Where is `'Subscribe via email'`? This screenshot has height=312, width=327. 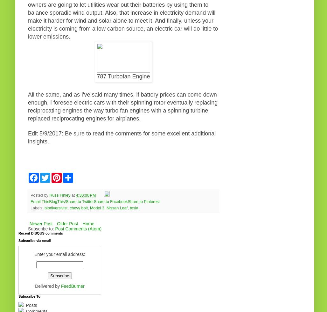
'Subscribe via email' is located at coordinates (34, 240).